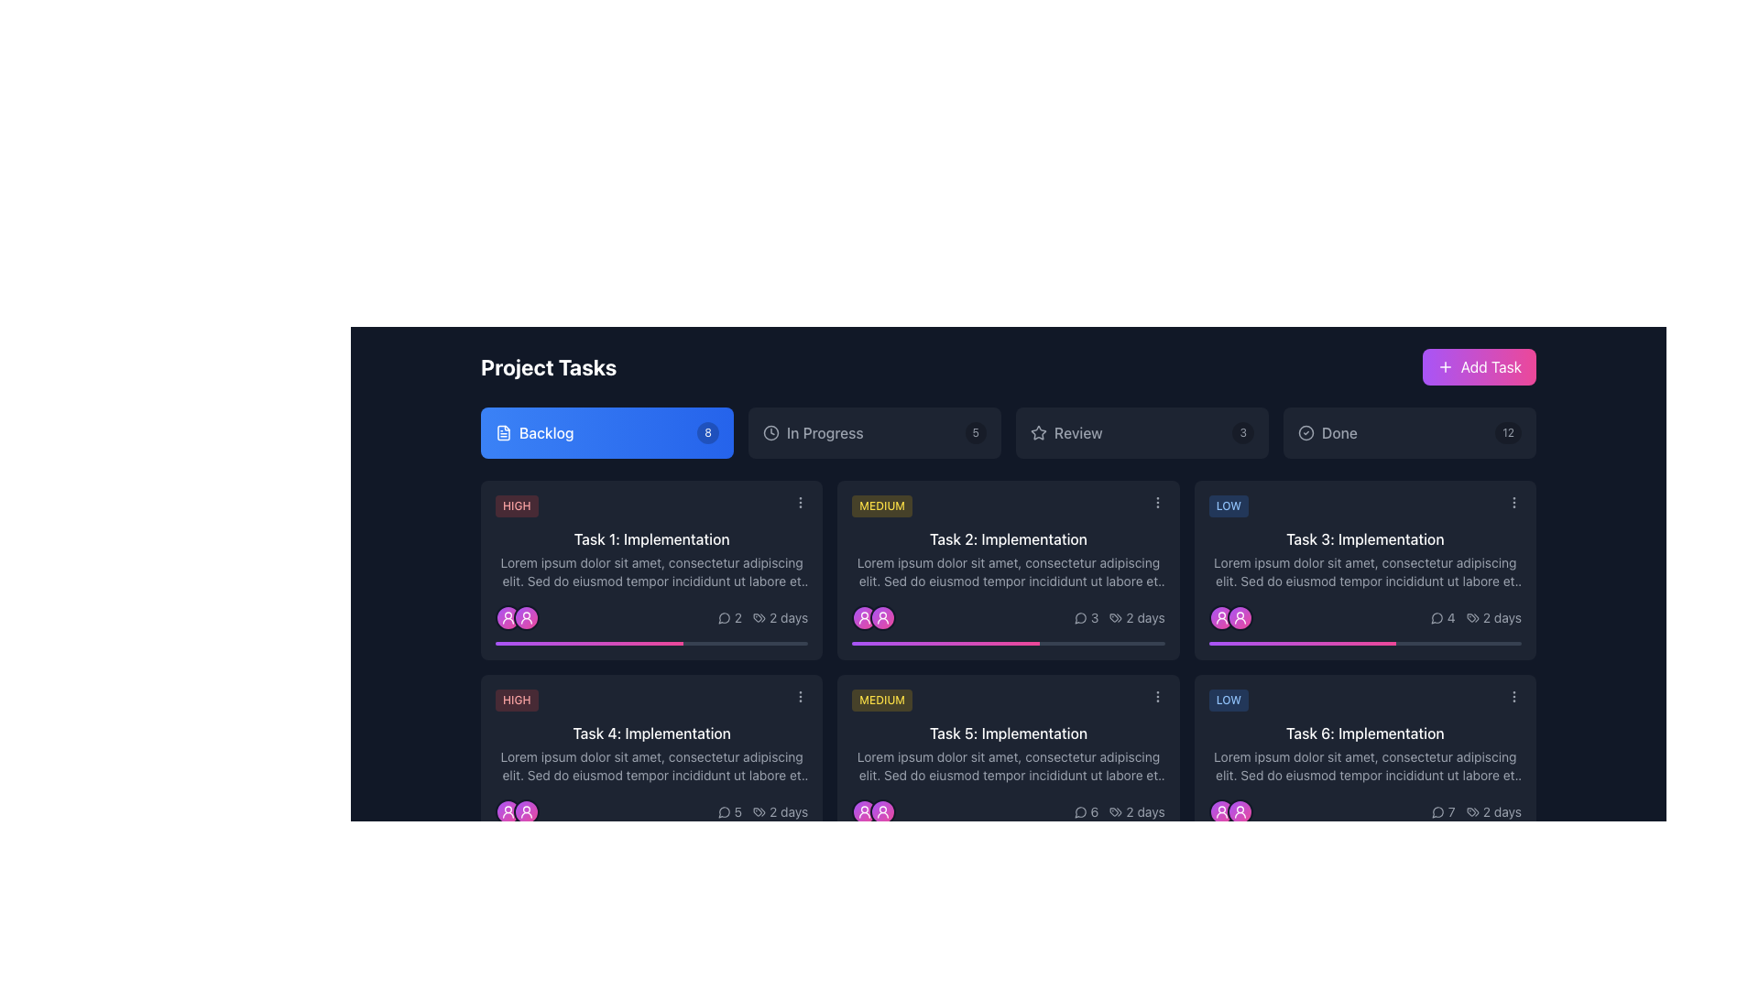 Image resolution: width=1759 pixels, height=989 pixels. I want to click on the first icon in the row of metadata details for 'Task 4: Implementation' in the 'Backlog' section, located to the left of the '2 days' text, so click(759, 811).